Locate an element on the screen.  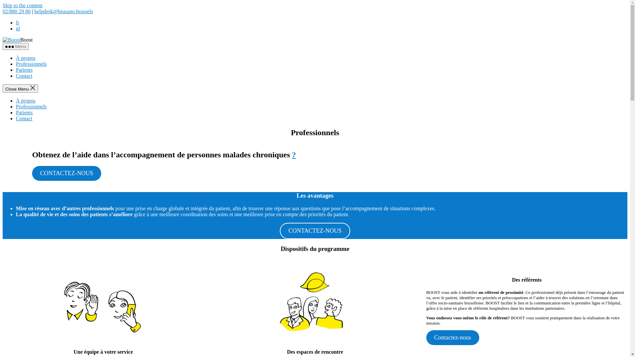
'helpdesk@brusano.brussels' is located at coordinates (63, 11).